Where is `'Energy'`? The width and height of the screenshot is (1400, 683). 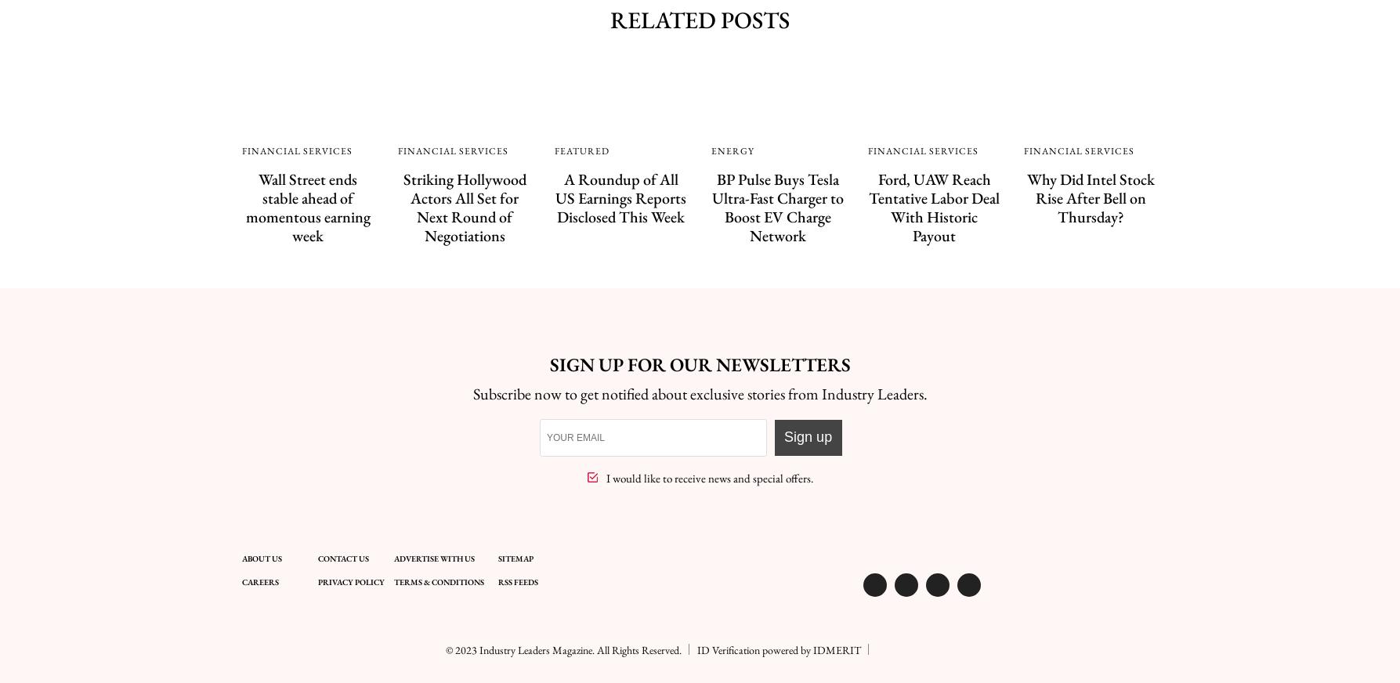 'Energy' is located at coordinates (731, 150).